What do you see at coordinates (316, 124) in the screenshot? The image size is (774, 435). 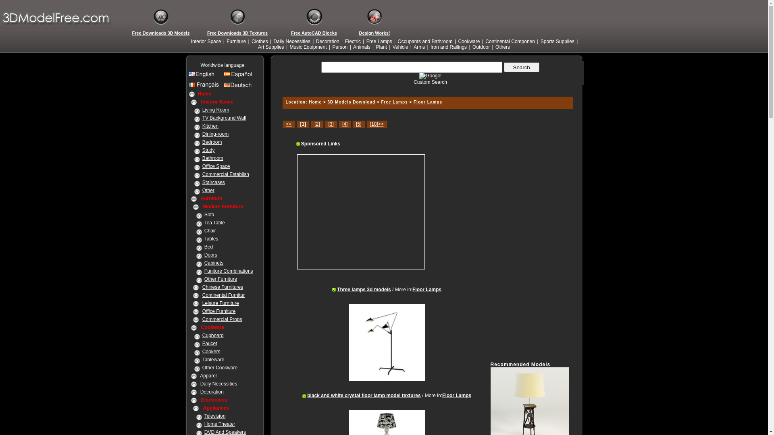 I see `'[2]'` at bounding box center [316, 124].